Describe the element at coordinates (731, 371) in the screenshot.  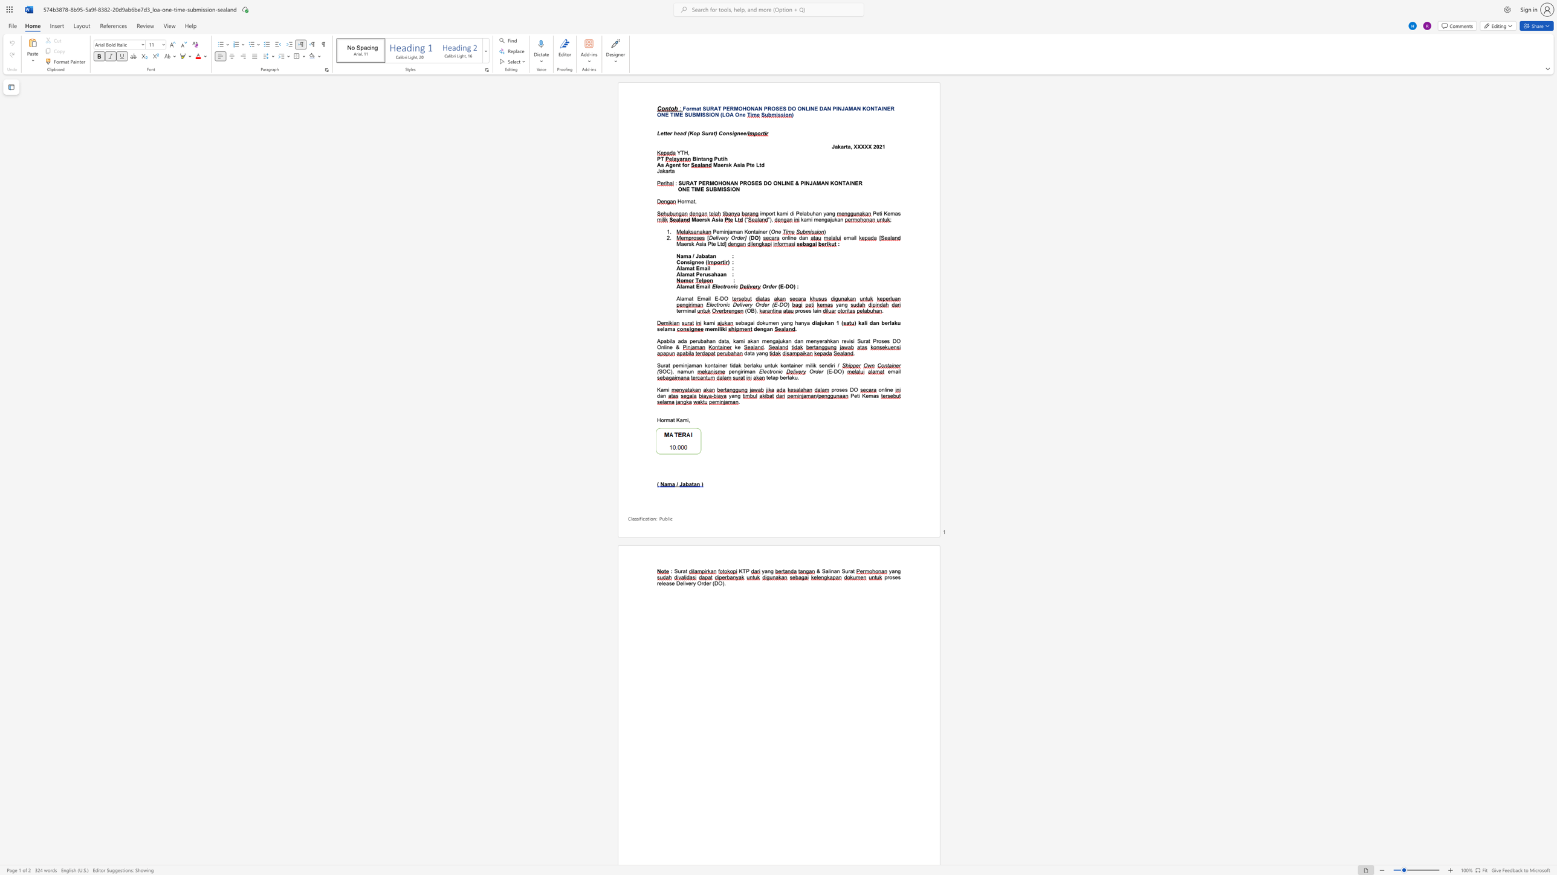
I see `the subset text "engi" within the text "pengiriman"` at that location.